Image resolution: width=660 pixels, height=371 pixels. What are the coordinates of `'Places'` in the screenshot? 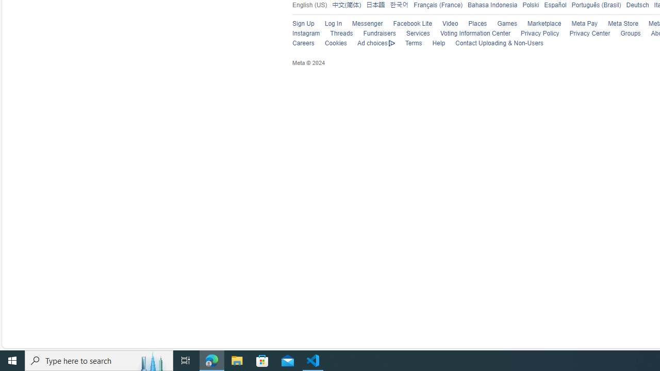 It's located at (477, 23).